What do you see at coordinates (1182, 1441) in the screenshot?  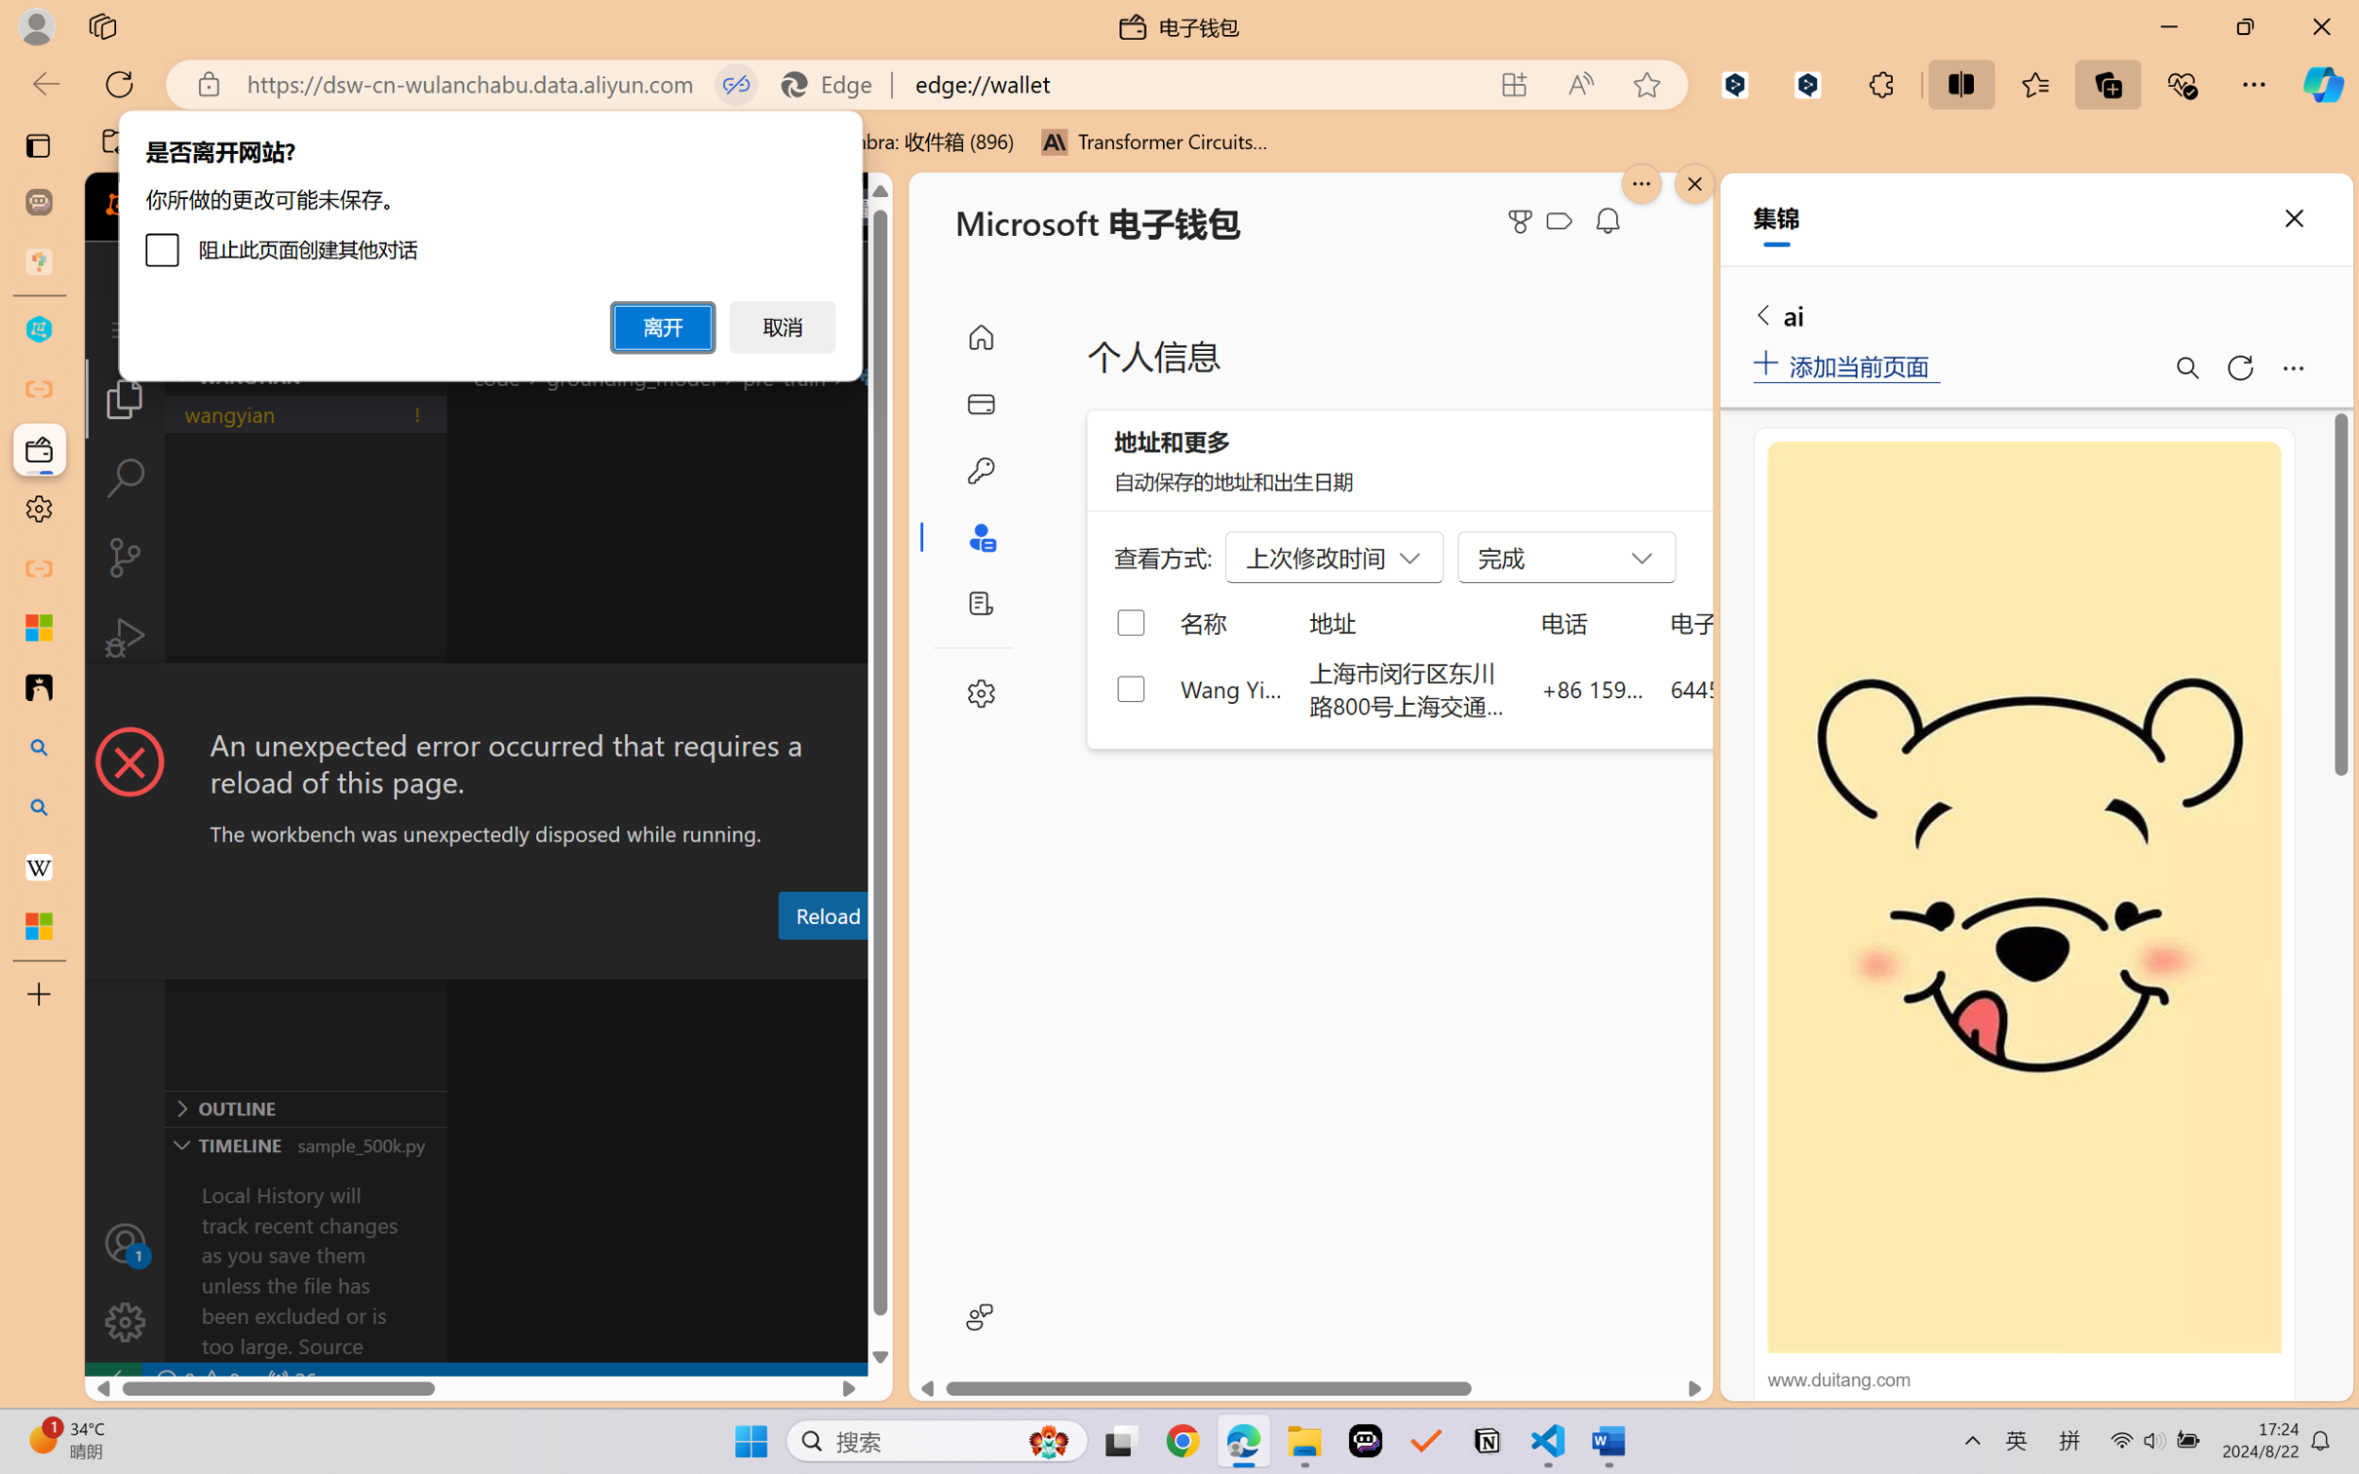 I see `'Google Chrome'` at bounding box center [1182, 1441].